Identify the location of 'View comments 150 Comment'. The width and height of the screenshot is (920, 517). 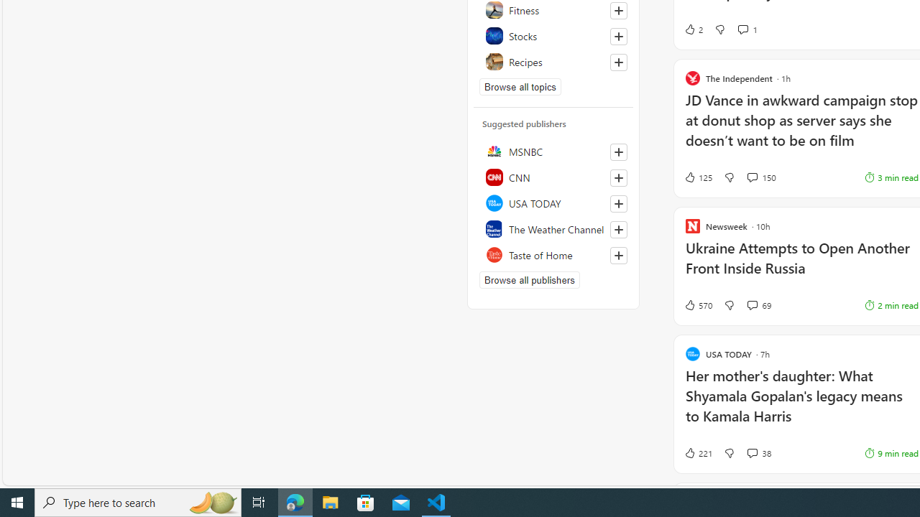
(760, 176).